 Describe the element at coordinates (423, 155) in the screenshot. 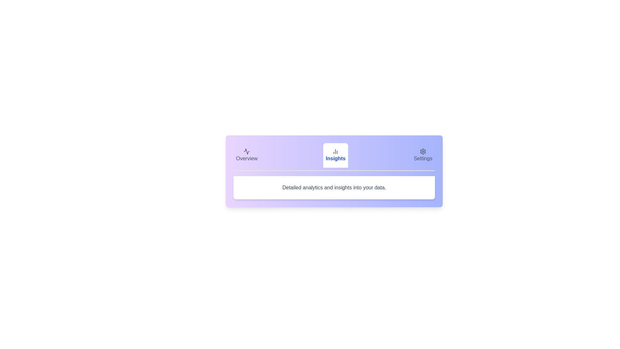

I see `the Settings tab to view its content` at that location.